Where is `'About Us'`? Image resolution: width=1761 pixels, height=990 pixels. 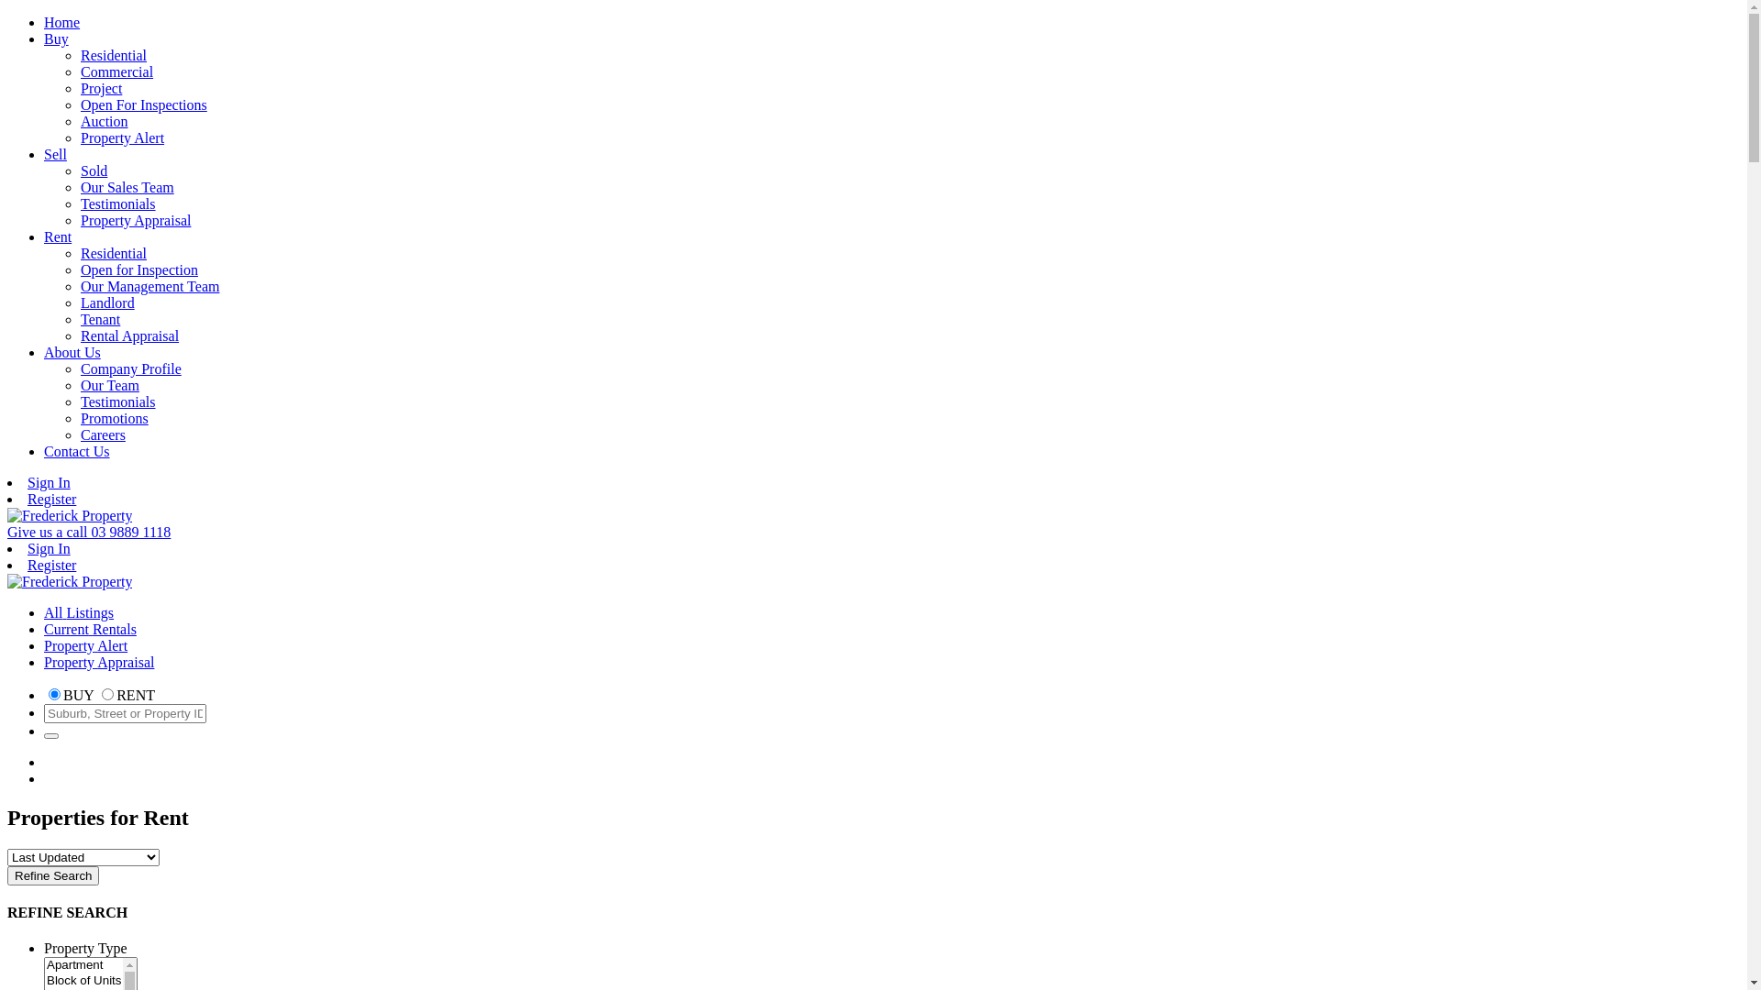 'About Us' is located at coordinates (72, 352).